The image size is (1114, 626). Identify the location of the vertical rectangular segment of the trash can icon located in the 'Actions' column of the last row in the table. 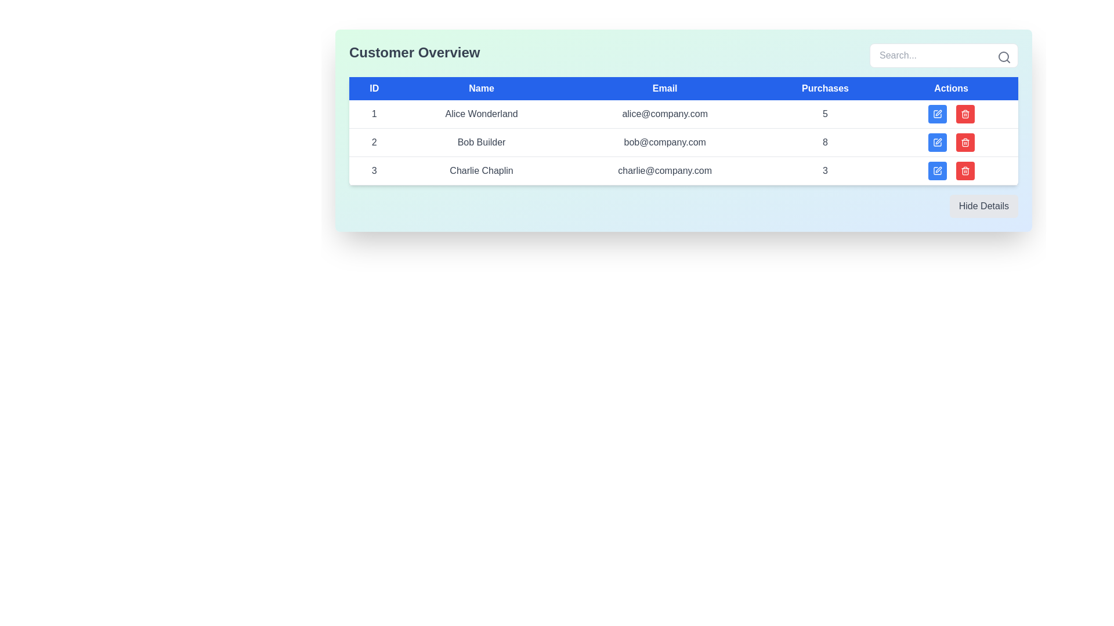
(965, 143).